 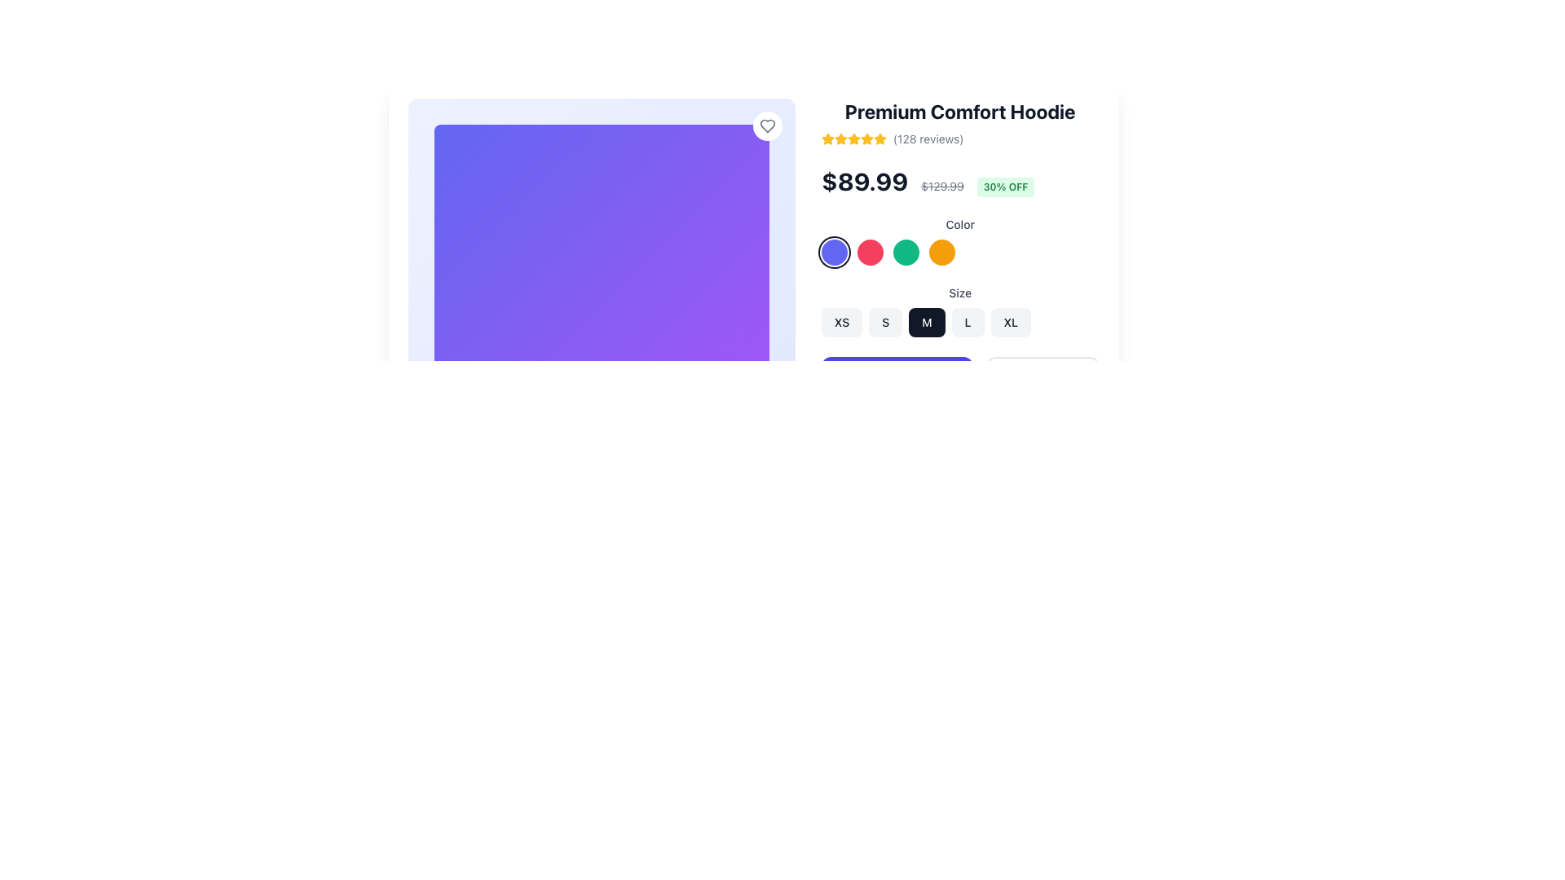 What do you see at coordinates (960, 323) in the screenshot?
I see `the size option button labeled 'L'` at bounding box center [960, 323].